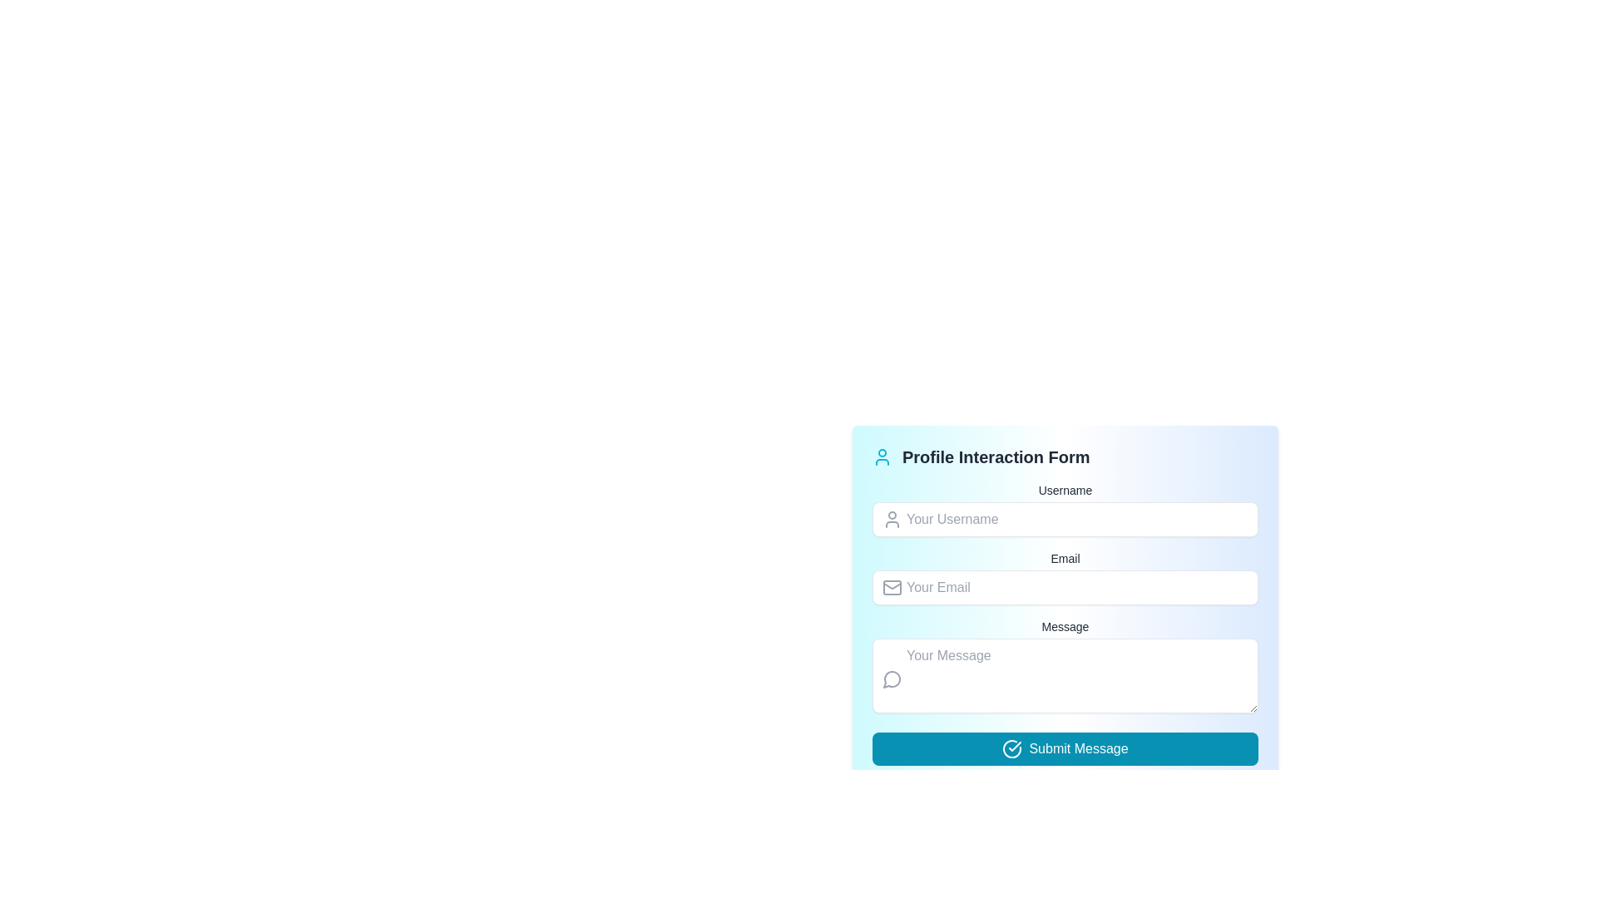 The width and height of the screenshot is (1597, 898). What do you see at coordinates (1065, 558) in the screenshot?
I see `the 'Email' label which serves as an identifier for the email input field in the profile interaction form` at bounding box center [1065, 558].